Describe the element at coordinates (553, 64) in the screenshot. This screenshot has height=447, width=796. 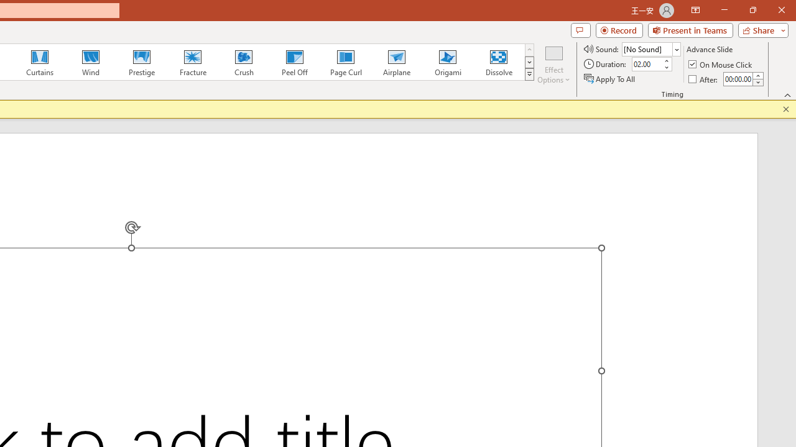
I see `'Effect Options'` at that location.